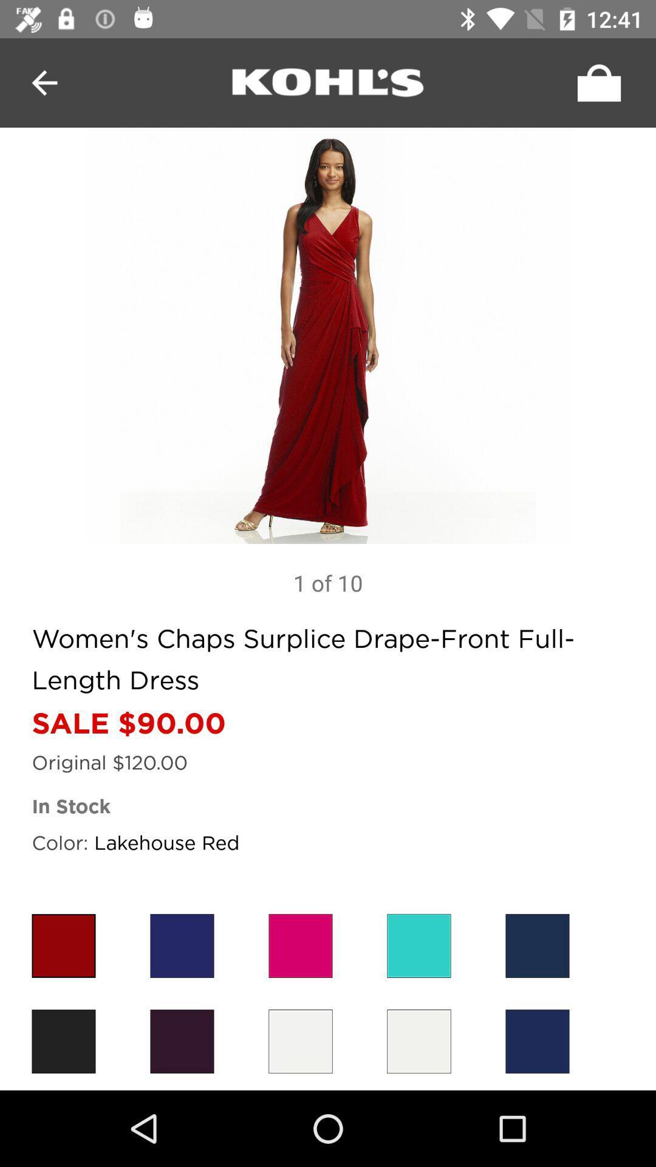  Describe the element at coordinates (419, 945) in the screenshot. I see `colour choosing` at that location.